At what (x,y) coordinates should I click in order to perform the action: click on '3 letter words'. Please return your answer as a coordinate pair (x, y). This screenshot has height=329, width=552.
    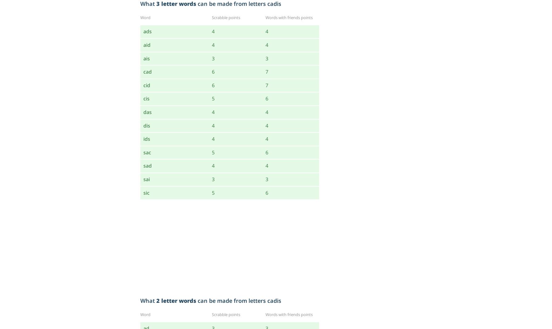
    Looking at the image, I should click on (176, 3).